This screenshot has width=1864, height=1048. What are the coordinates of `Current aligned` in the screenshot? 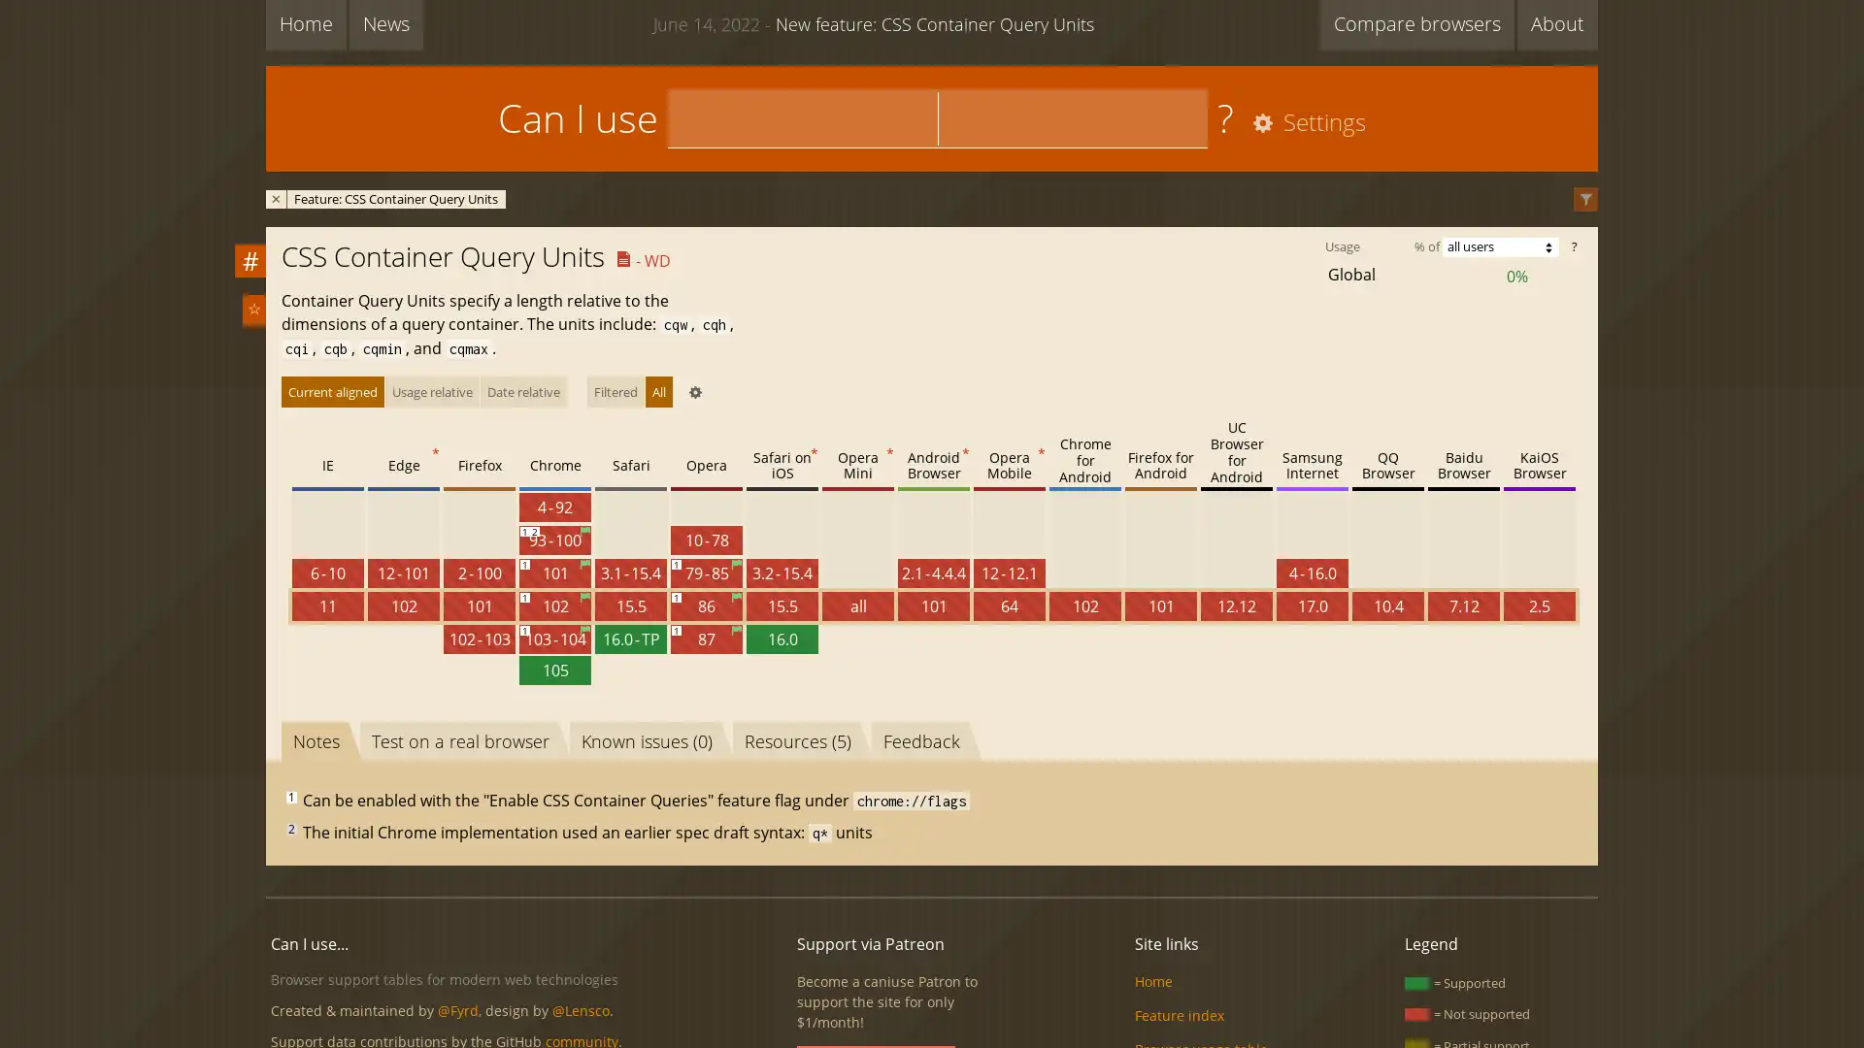 It's located at (332, 392).